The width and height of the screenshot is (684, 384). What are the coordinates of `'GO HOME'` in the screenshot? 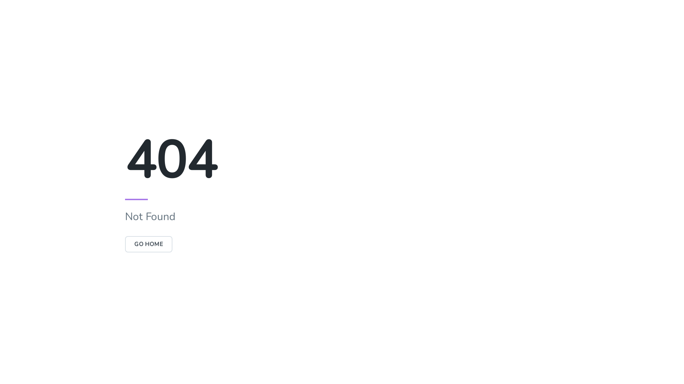 It's located at (148, 244).